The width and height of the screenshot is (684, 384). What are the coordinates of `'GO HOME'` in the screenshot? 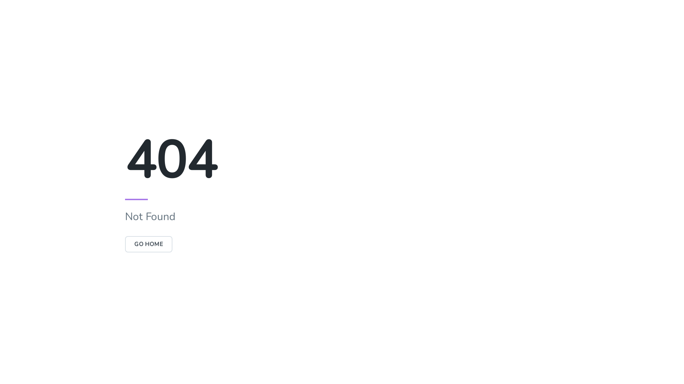 It's located at (148, 244).